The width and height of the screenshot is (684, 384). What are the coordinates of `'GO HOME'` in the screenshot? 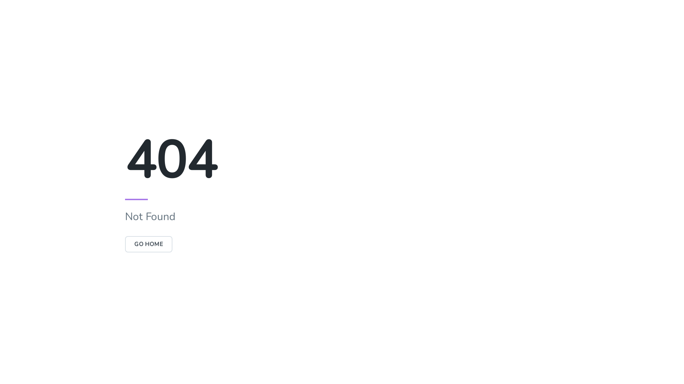 It's located at (148, 244).